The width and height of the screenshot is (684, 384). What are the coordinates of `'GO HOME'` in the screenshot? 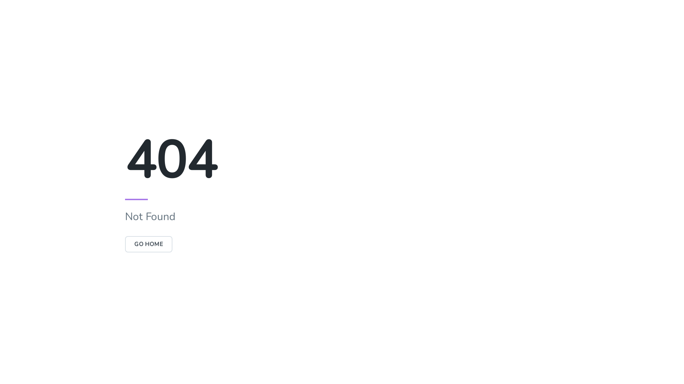 It's located at (148, 244).